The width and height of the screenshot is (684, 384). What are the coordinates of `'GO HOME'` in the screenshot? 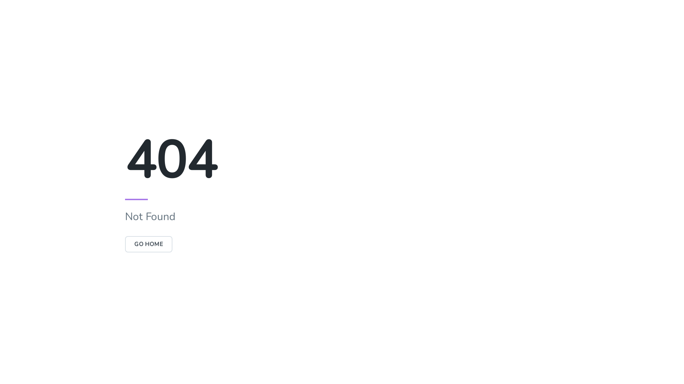 It's located at (148, 244).